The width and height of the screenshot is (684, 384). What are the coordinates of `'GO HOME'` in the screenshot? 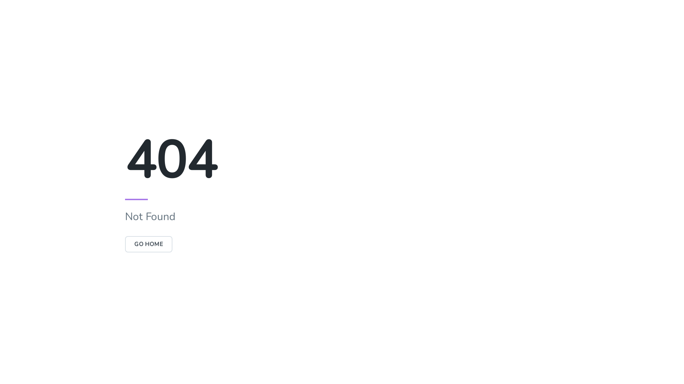 It's located at (148, 244).